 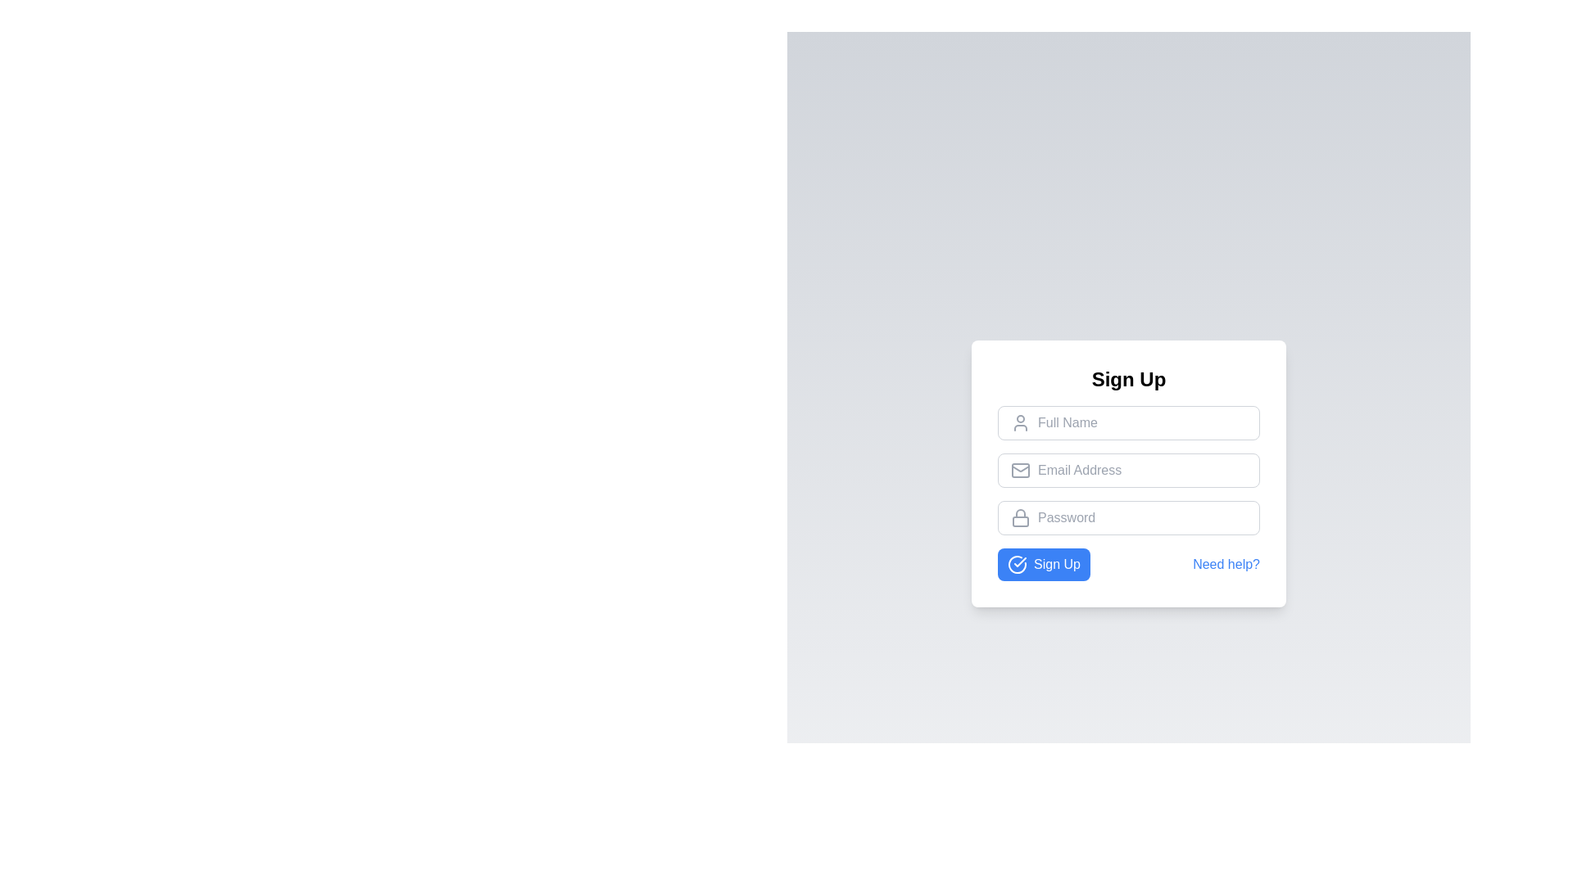 What do you see at coordinates (1127, 470) in the screenshot?
I see `the email input field located` at bounding box center [1127, 470].